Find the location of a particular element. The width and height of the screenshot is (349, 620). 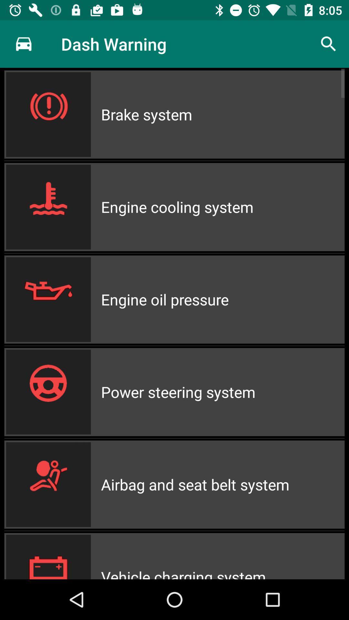

the brake system is located at coordinates (222, 114).